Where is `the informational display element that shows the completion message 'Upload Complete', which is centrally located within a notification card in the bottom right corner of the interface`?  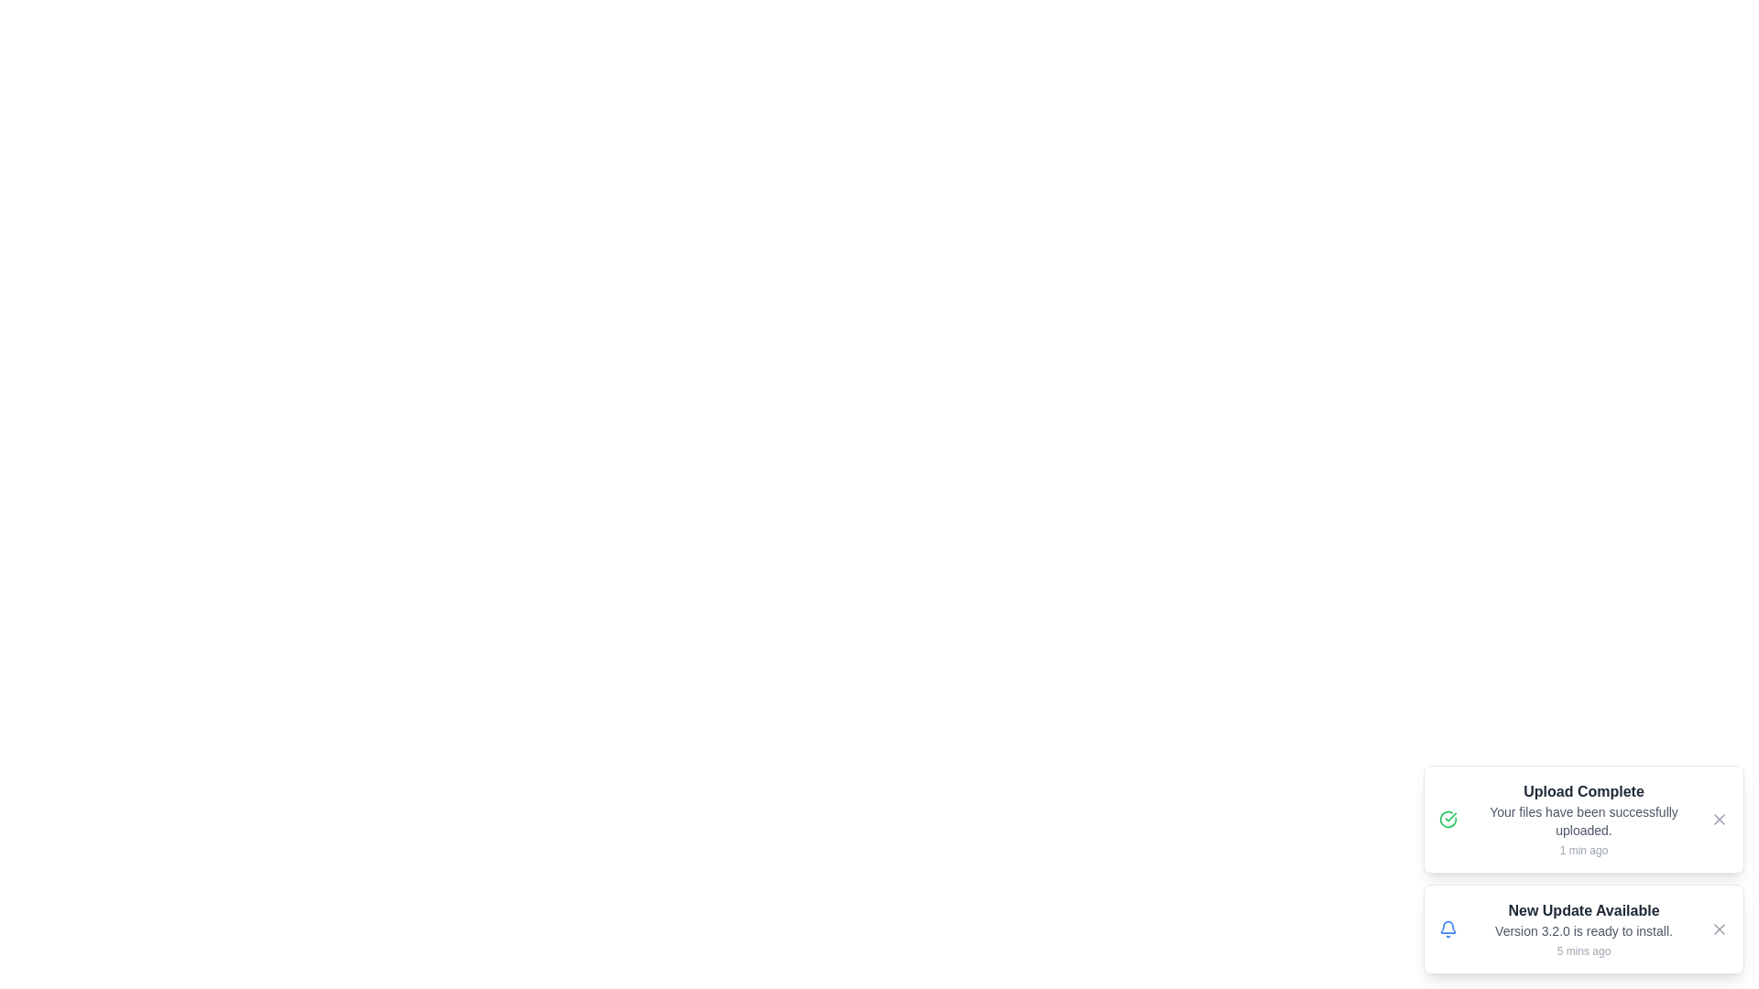 the informational display element that shows the completion message 'Upload Complete', which is centrally located within a notification card in the bottom right corner of the interface is located at coordinates (1582, 818).